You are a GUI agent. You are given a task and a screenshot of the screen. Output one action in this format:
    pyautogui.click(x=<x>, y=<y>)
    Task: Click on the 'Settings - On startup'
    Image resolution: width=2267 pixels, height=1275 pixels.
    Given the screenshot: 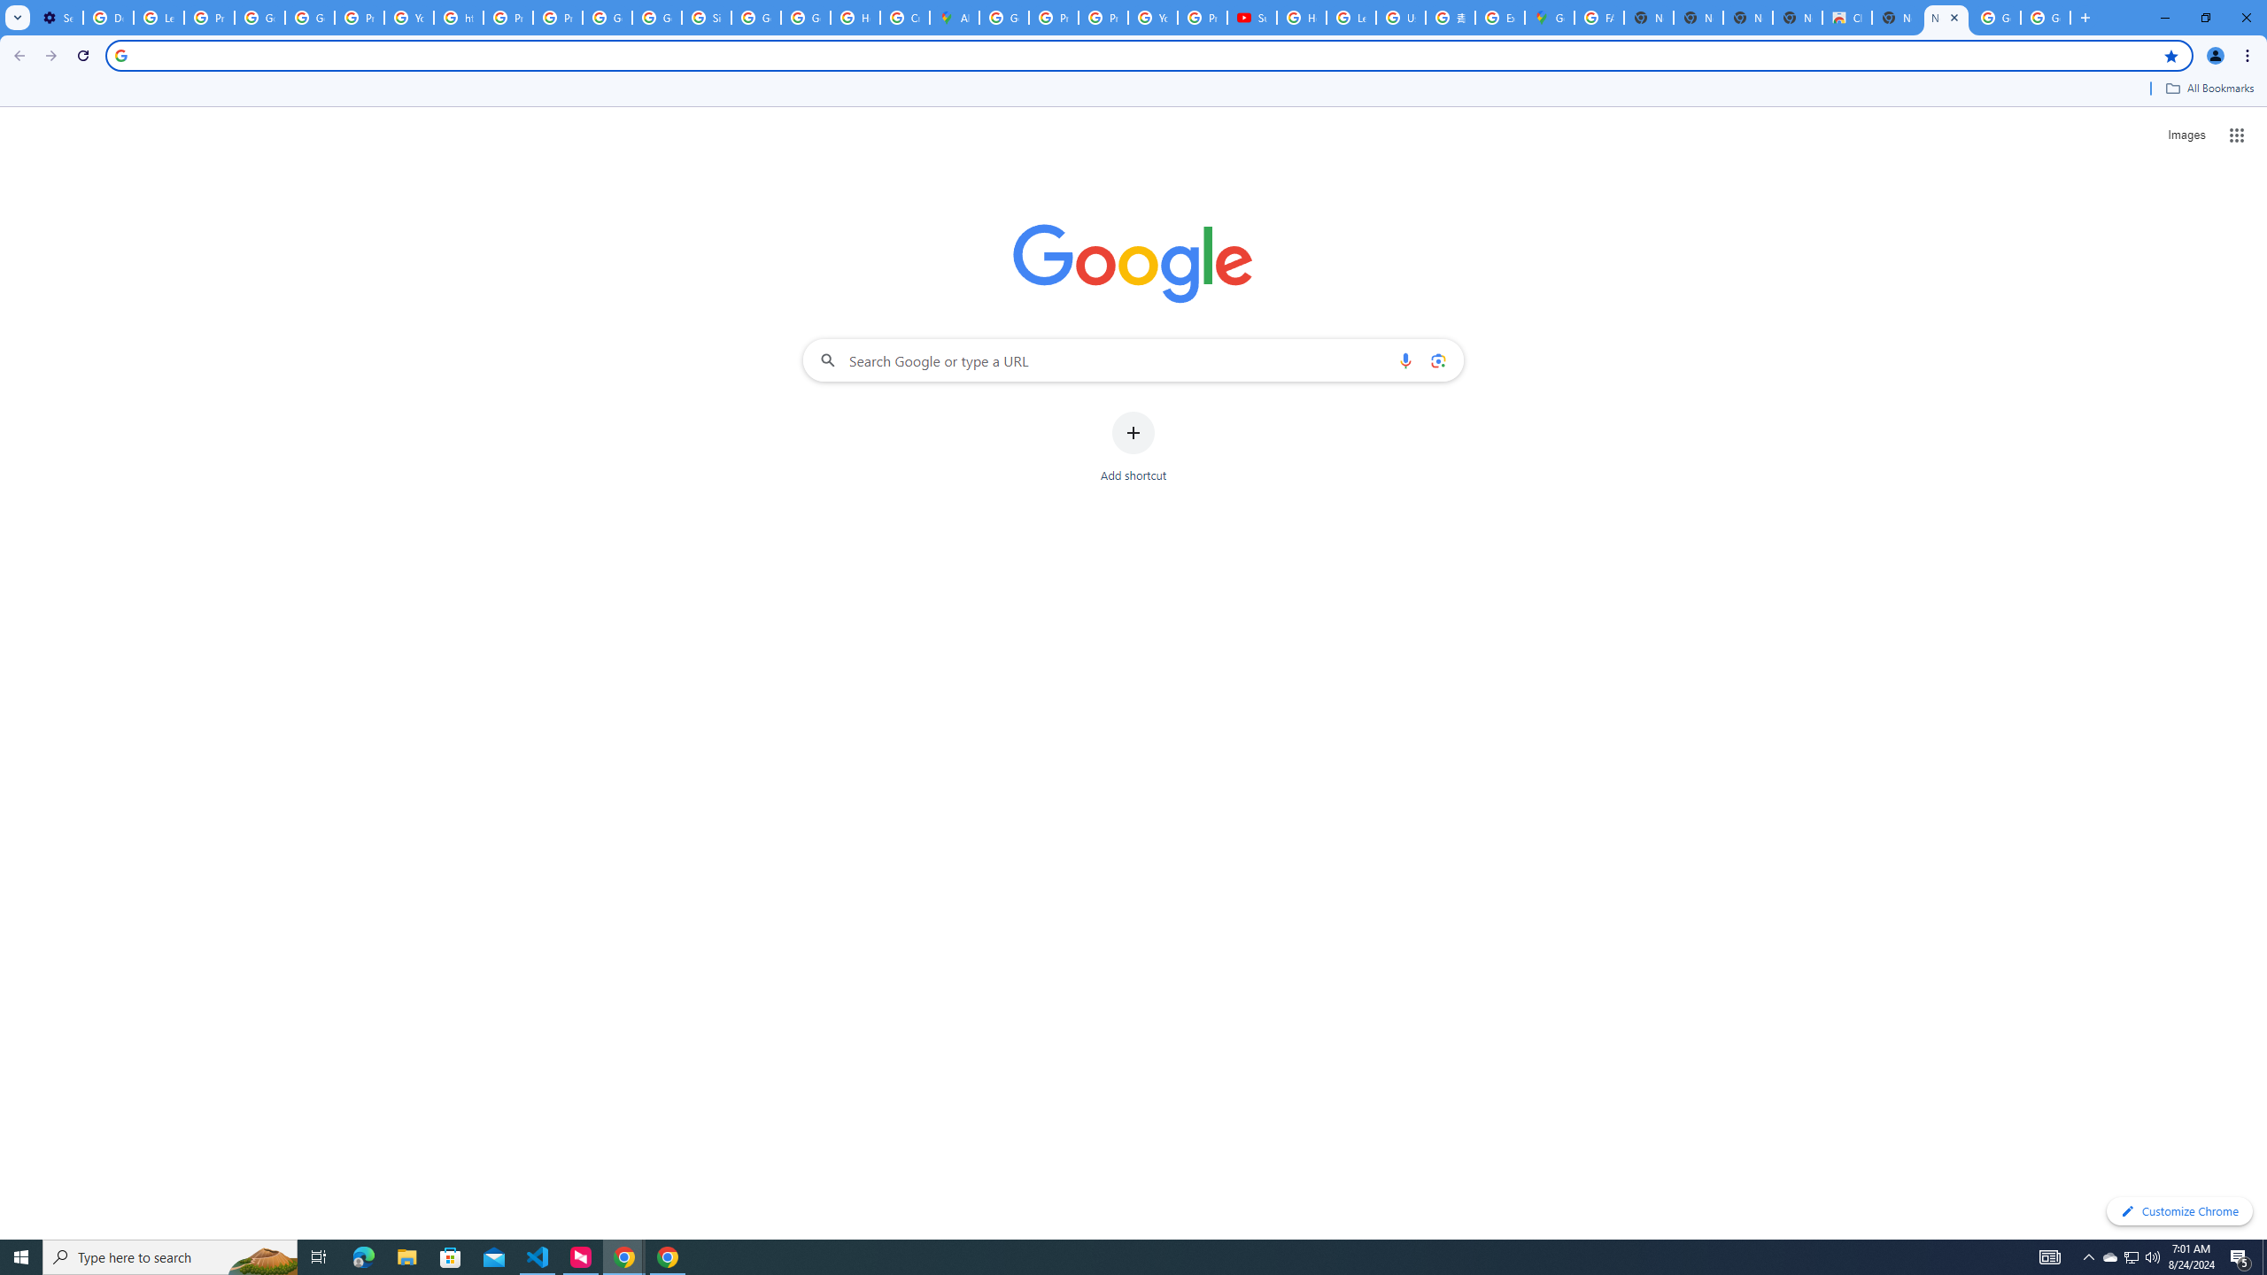 What is the action you would take?
    pyautogui.click(x=58, y=17)
    